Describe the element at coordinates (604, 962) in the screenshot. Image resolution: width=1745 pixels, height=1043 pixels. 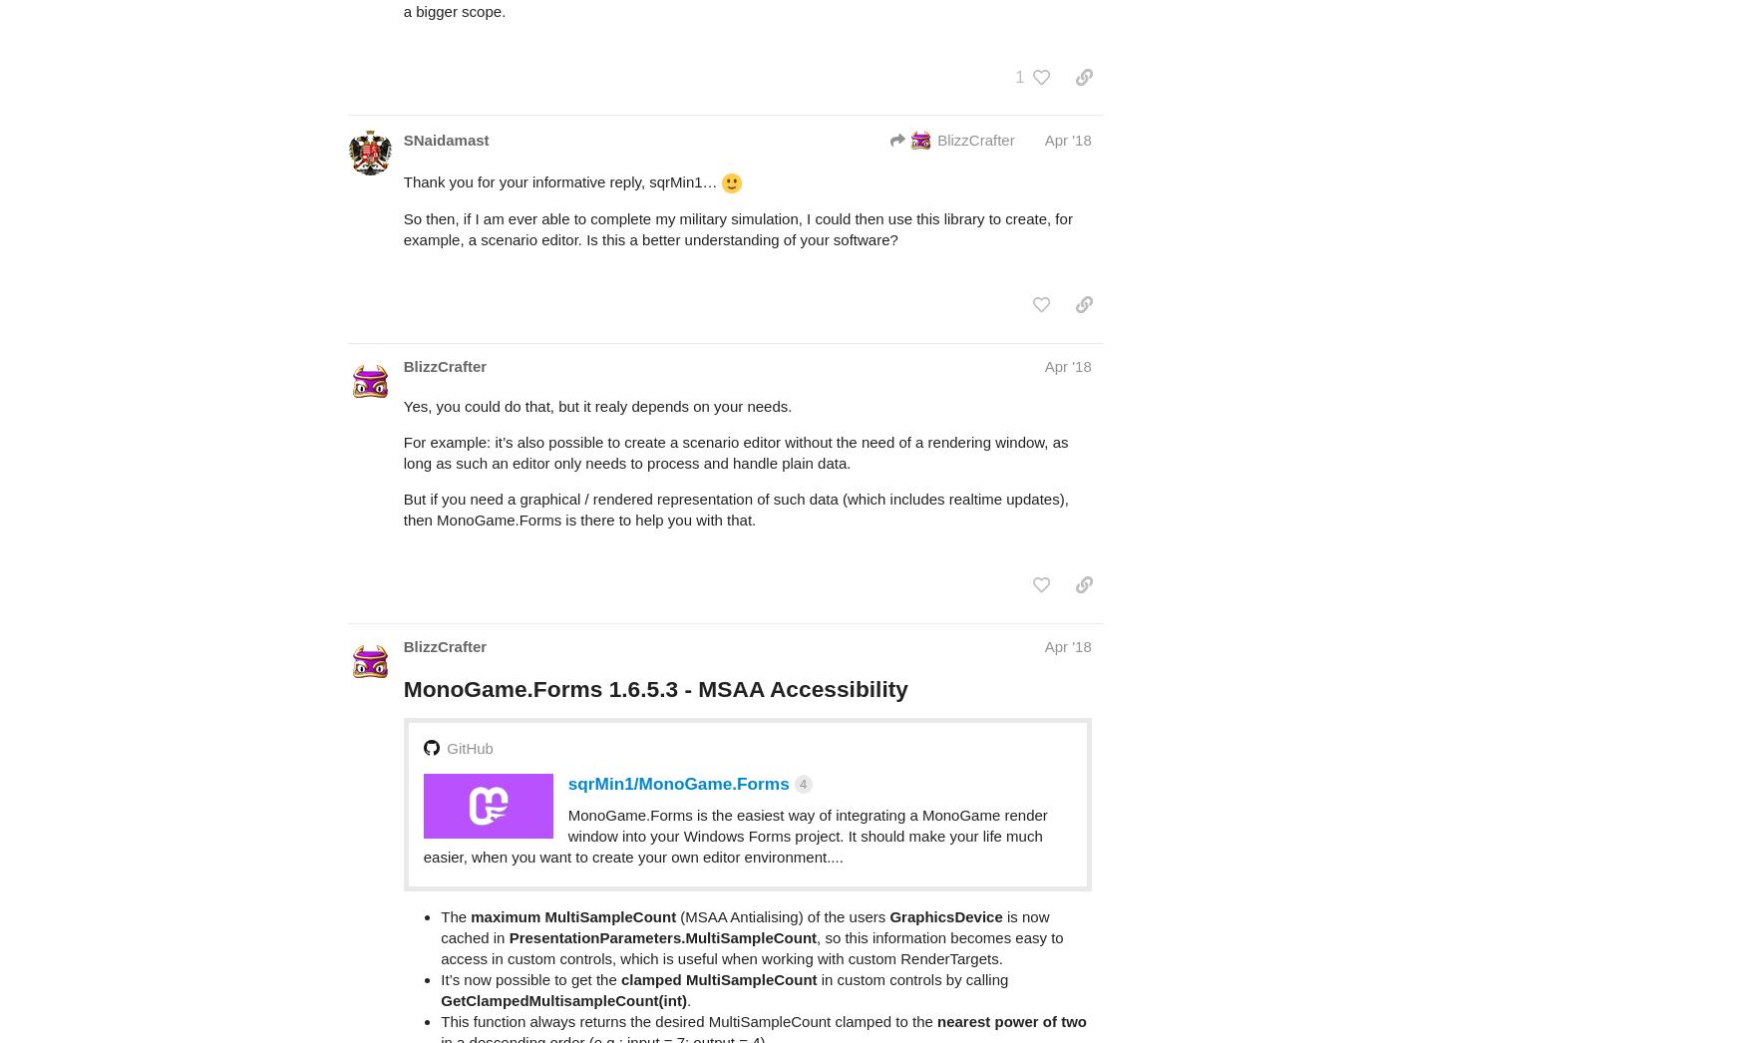
I see `'in a descending order (e.g.: input = 7; output = 4).'` at that location.